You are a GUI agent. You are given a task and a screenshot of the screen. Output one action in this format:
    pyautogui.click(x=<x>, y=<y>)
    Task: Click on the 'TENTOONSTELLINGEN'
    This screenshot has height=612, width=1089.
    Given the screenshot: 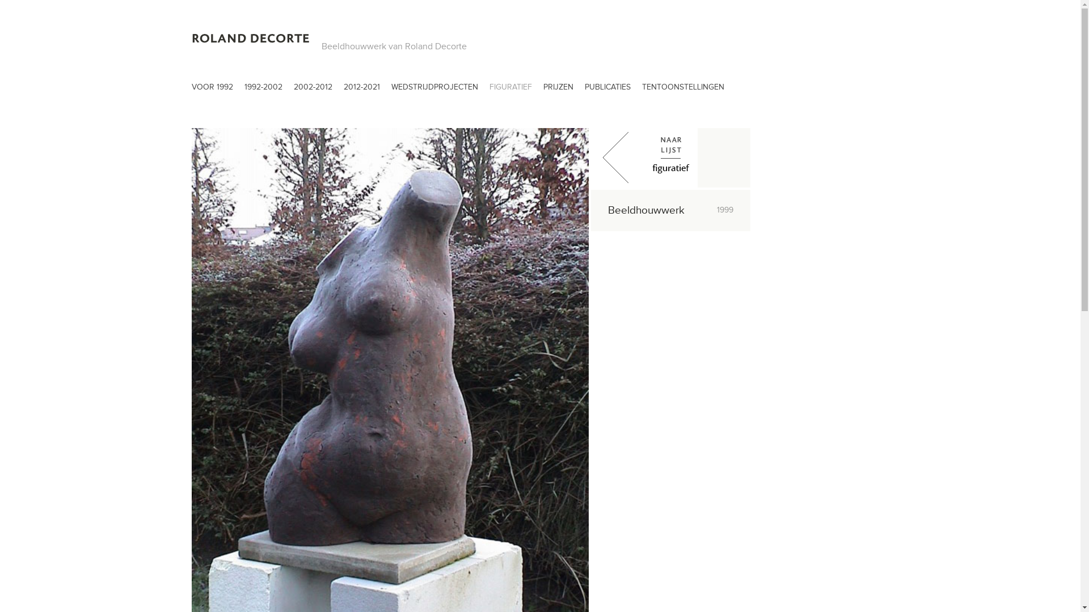 What is the action you would take?
    pyautogui.click(x=682, y=89)
    